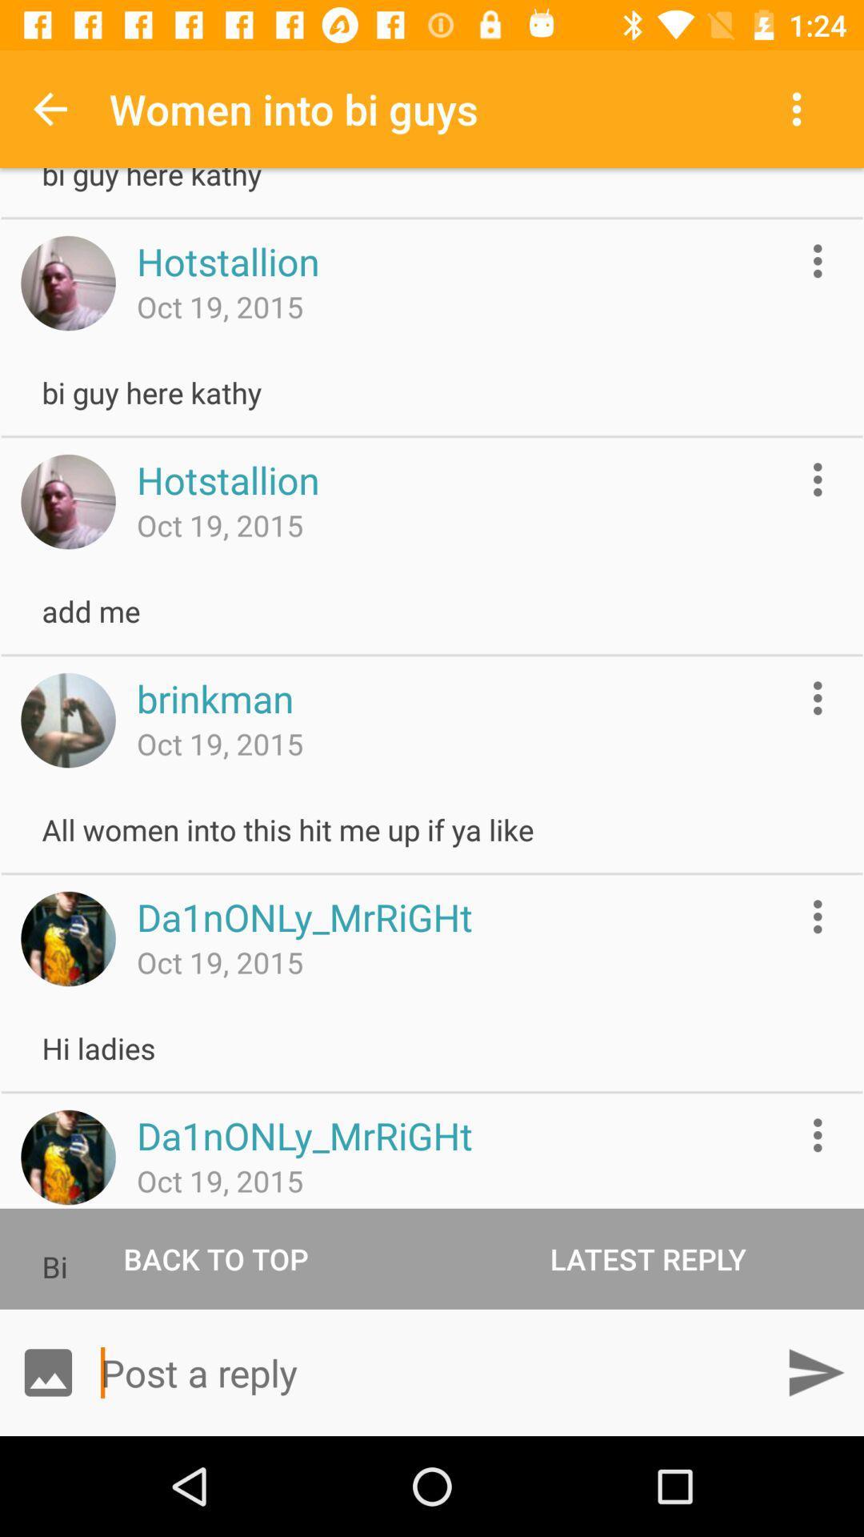  Describe the element at coordinates (67, 720) in the screenshot. I see `see image` at that location.